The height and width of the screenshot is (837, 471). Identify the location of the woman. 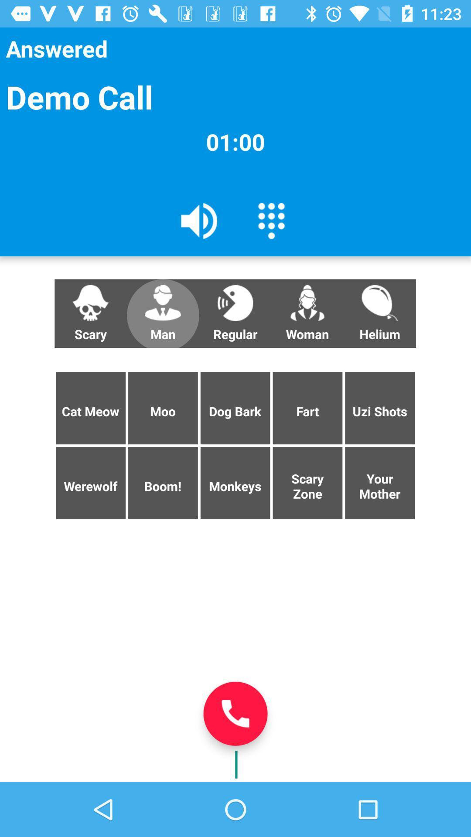
(307, 313).